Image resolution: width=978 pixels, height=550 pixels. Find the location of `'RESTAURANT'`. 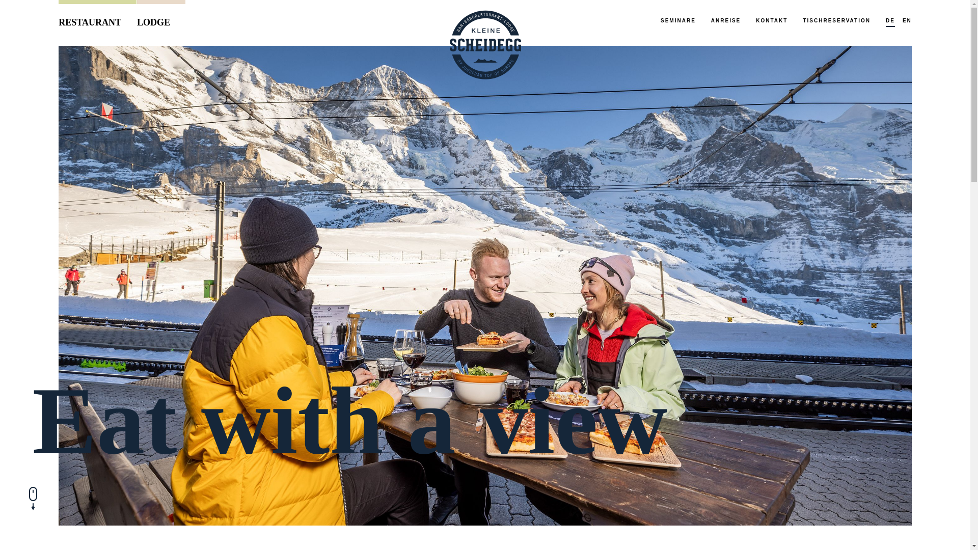

'RESTAURANT' is located at coordinates (97, 17).